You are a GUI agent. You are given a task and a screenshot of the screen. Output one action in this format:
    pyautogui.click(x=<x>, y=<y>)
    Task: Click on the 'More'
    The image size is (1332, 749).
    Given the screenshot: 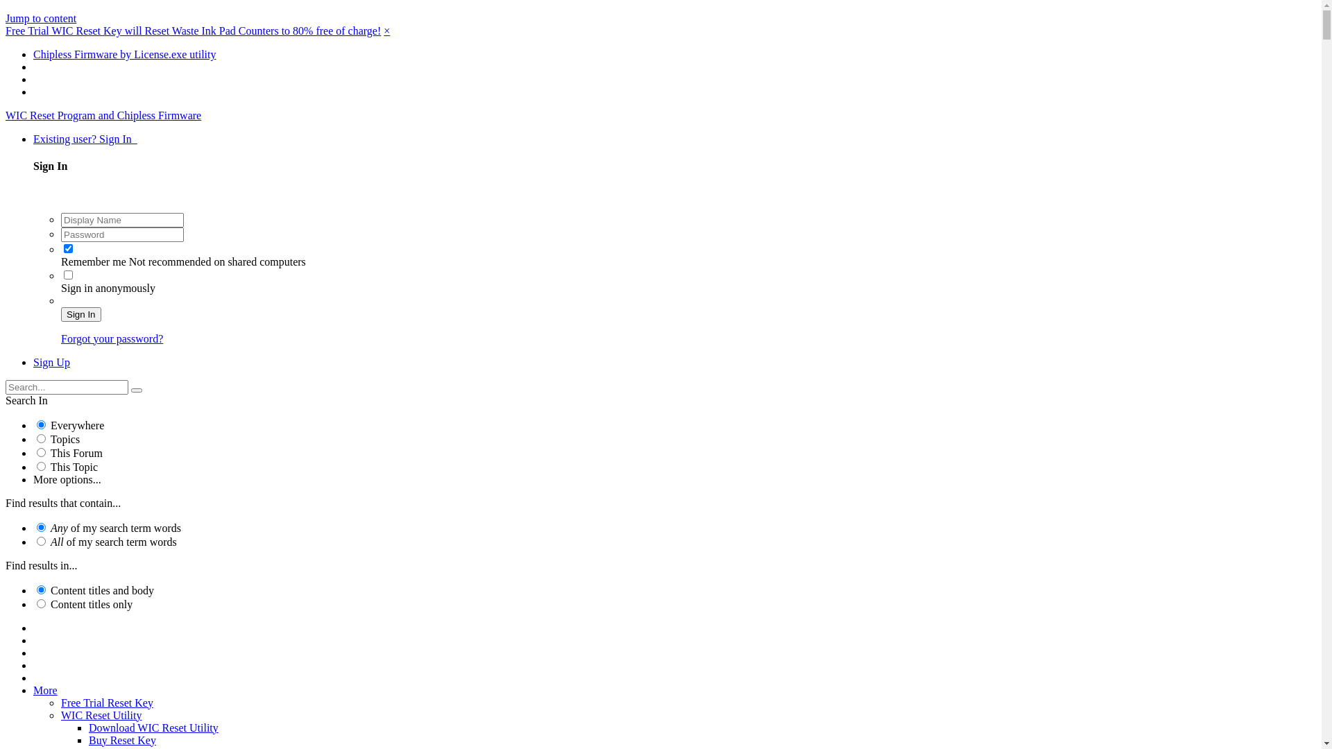 What is the action you would take?
    pyautogui.click(x=45, y=690)
    